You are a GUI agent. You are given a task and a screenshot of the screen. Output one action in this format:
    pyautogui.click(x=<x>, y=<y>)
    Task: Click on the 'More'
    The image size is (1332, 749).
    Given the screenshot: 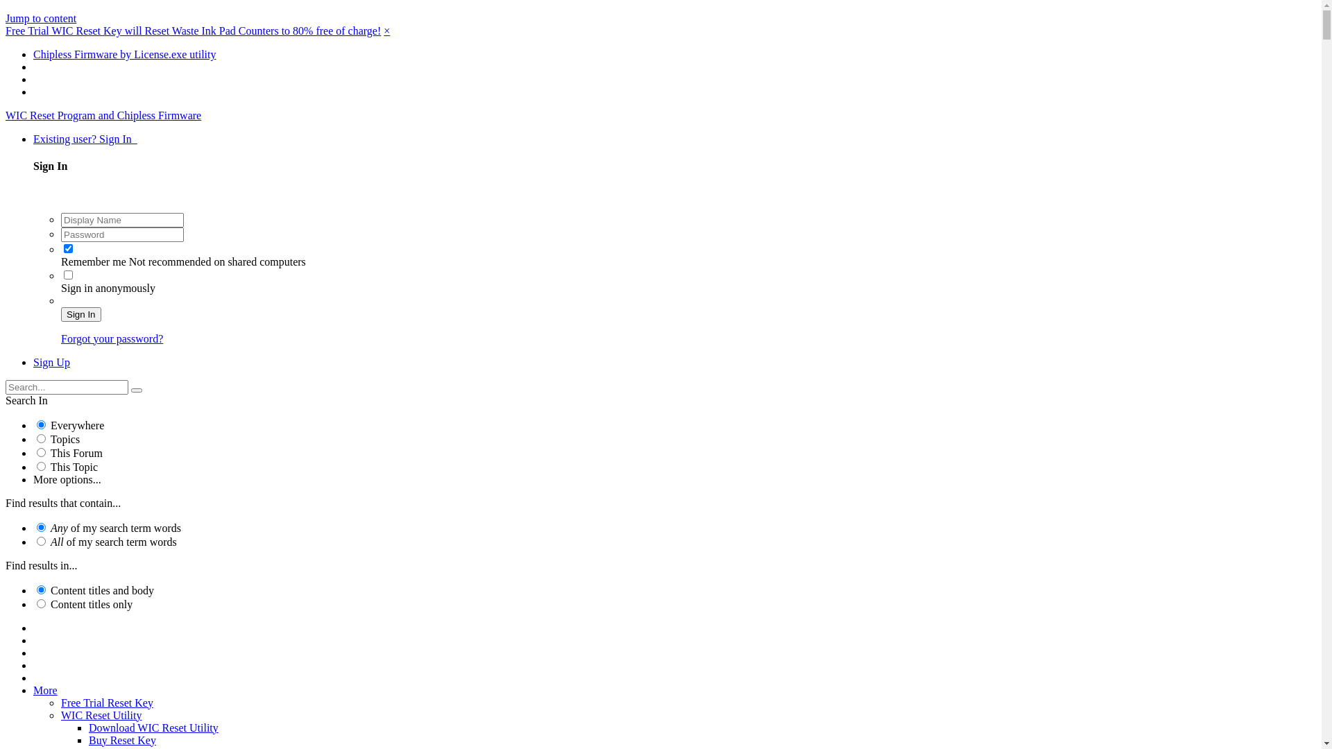 What is the action you would take?
    pyautogui.click(x=45, y=690)
    